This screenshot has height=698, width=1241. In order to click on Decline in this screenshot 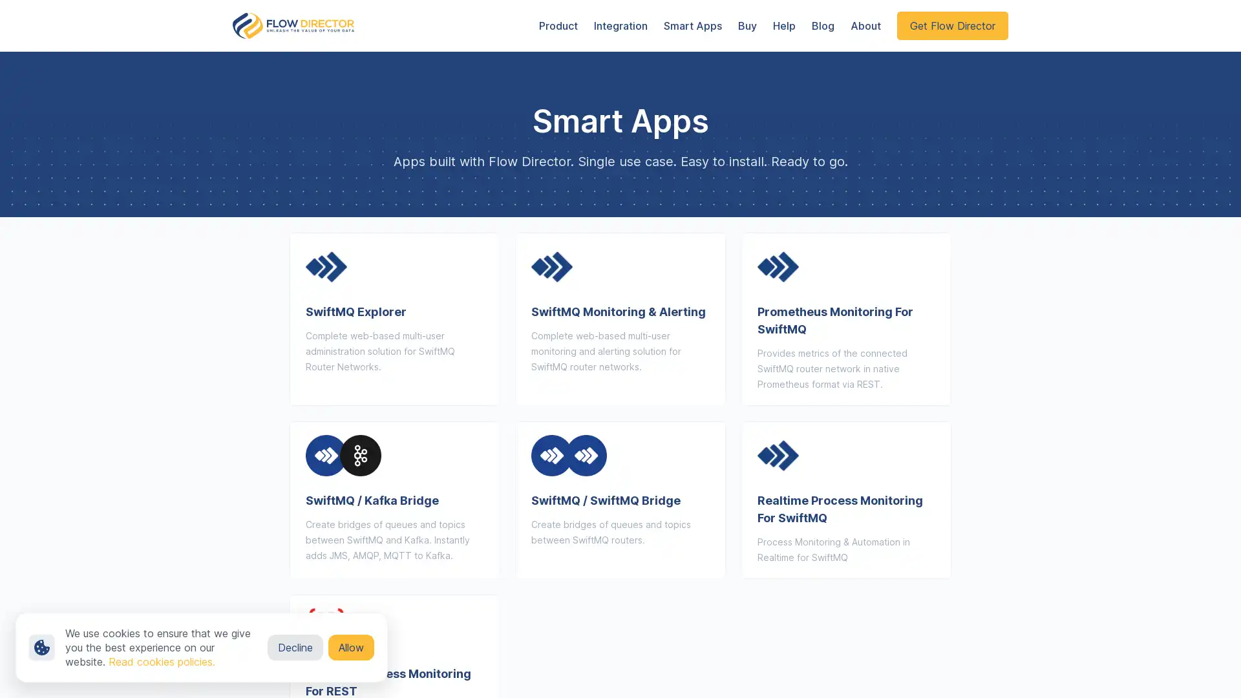, I will do `click(294, 648)`.